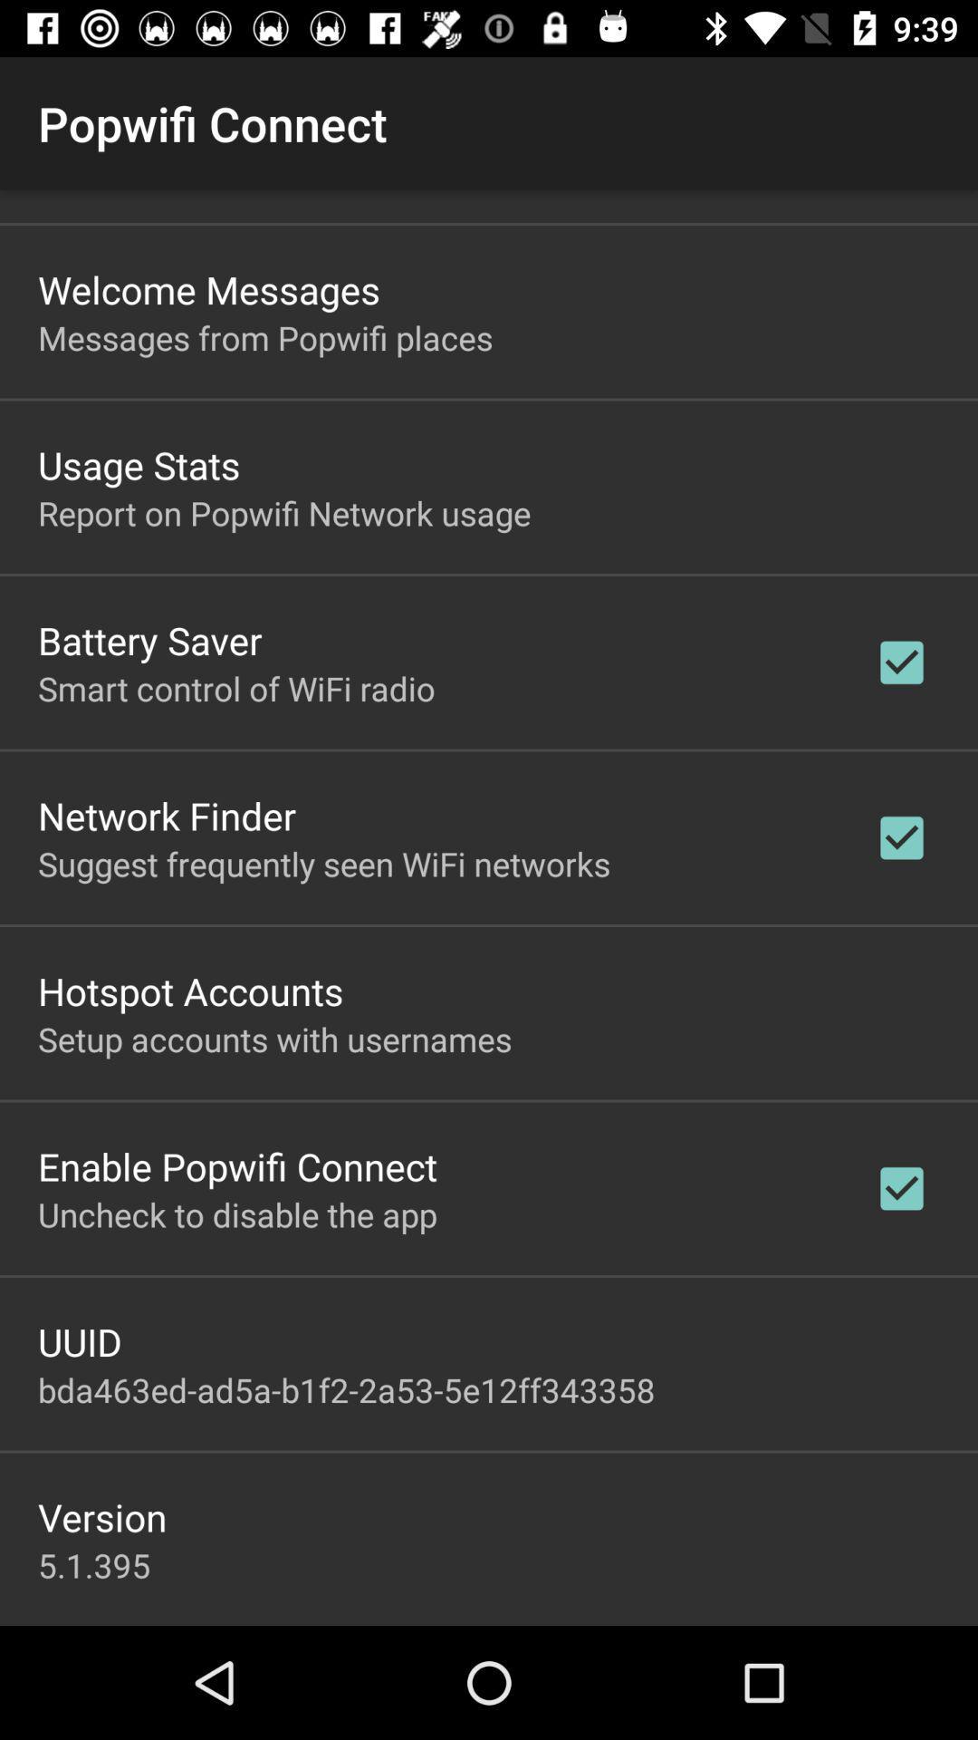  Describe the element at coordinates (323, 863) in the screenshot. I see `the icon below the network finder app` at that location.